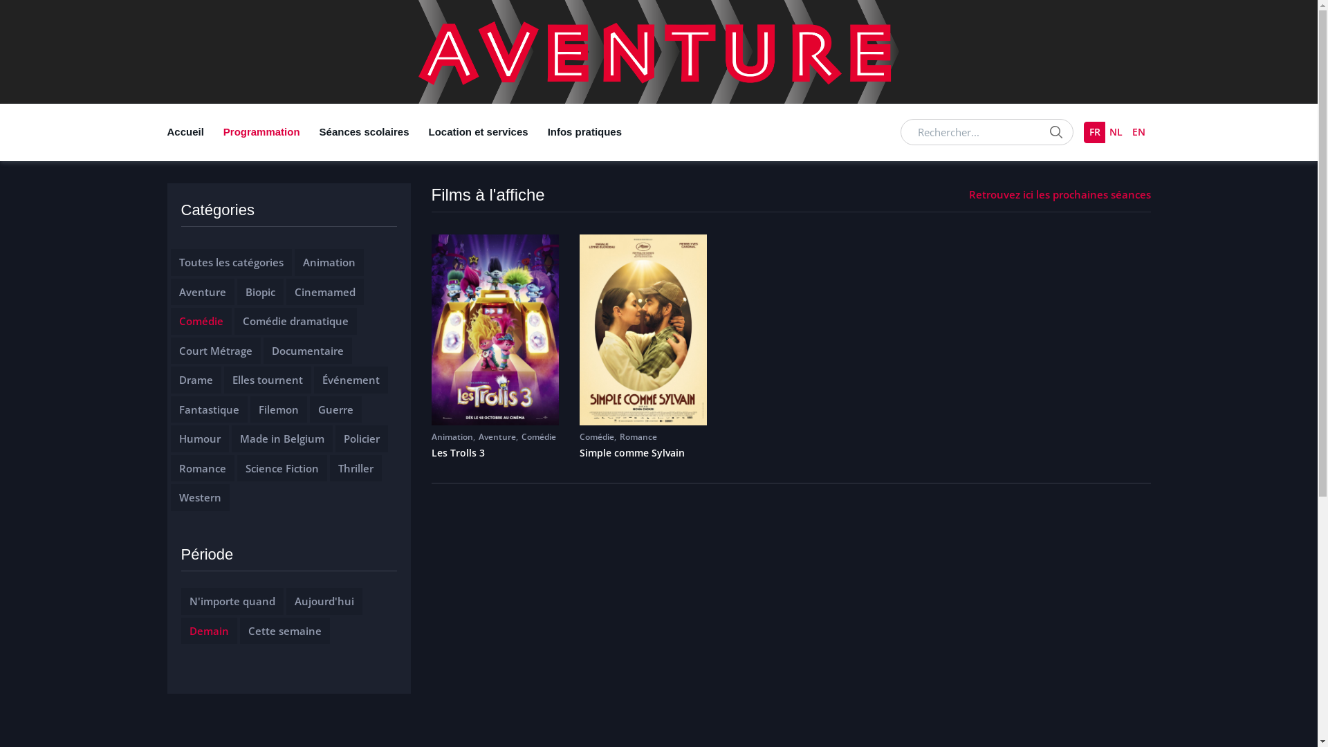  Describe the element at coordinates (232, 379) in the screenshot. I see `'Elles tournent'` at that location.